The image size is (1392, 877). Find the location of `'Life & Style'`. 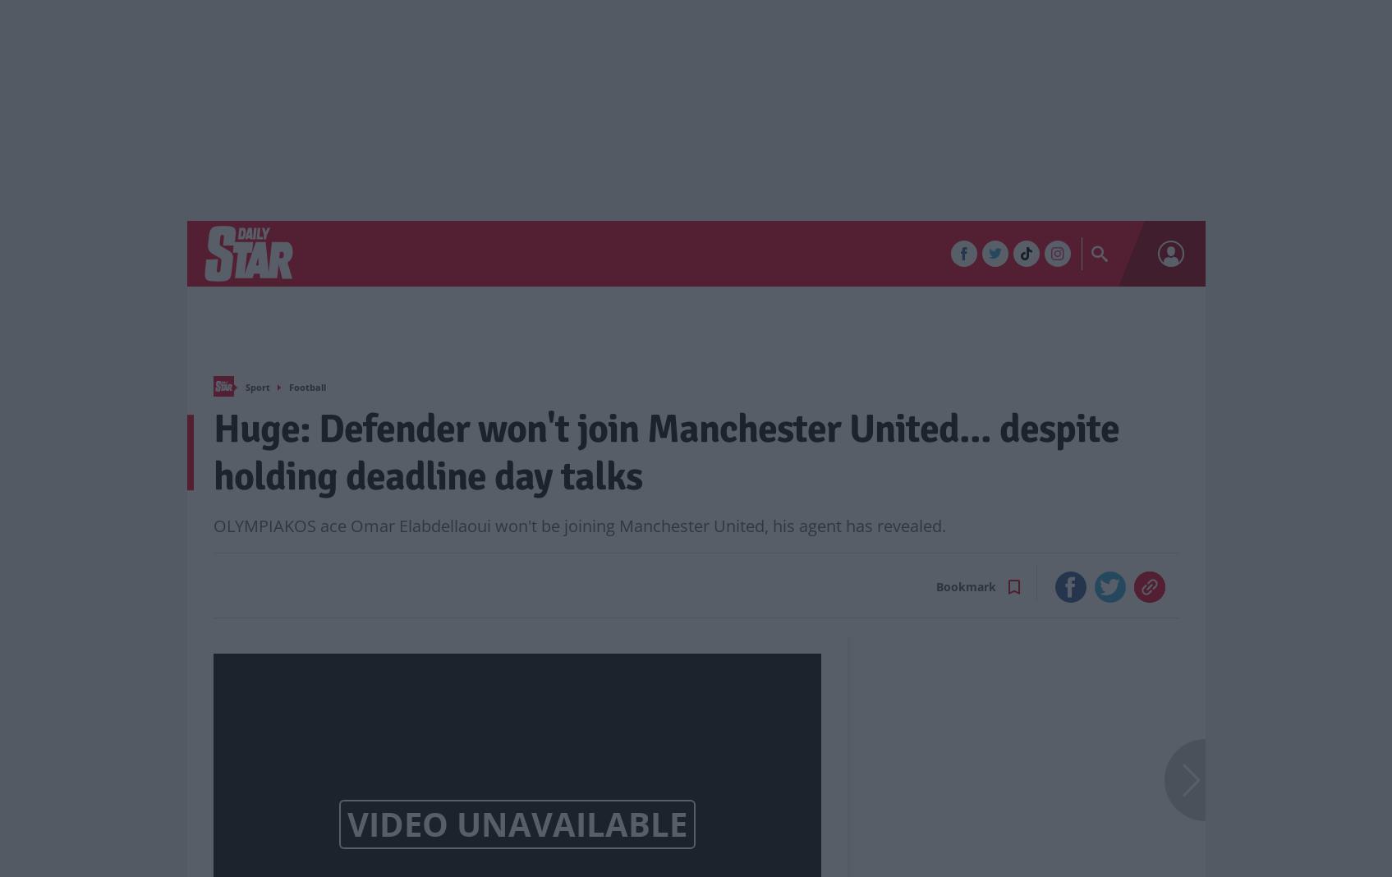

'Life & Style' is located at coordinates (573, 255).